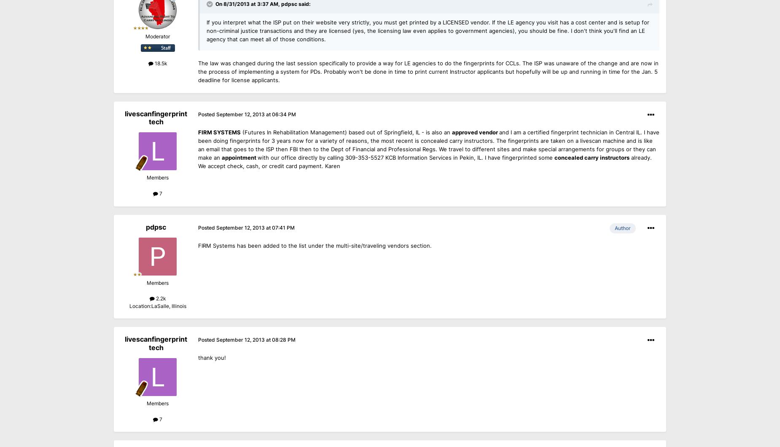  What do you see at coordinates (592, 158) in the screenshot?
I see `'concealed carry instructors'` at bounding box center [592, 158].